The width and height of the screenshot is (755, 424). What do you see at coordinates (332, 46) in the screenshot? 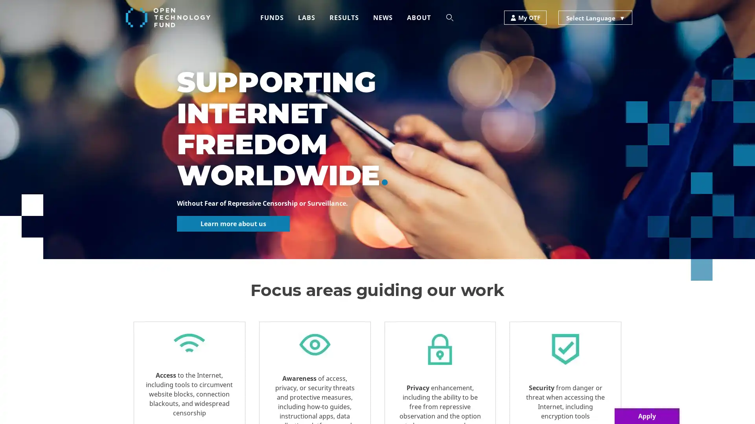
I see `Search` at bounding box center [332, 46].